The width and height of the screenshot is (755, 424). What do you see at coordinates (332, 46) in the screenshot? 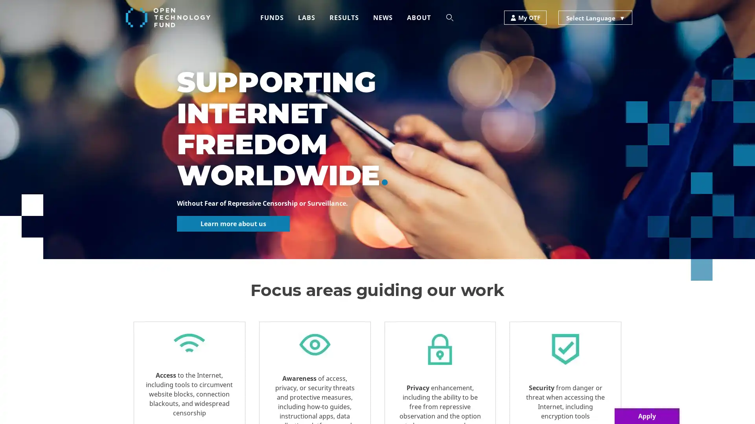
I see `Search` at bounding box center [332, 46].